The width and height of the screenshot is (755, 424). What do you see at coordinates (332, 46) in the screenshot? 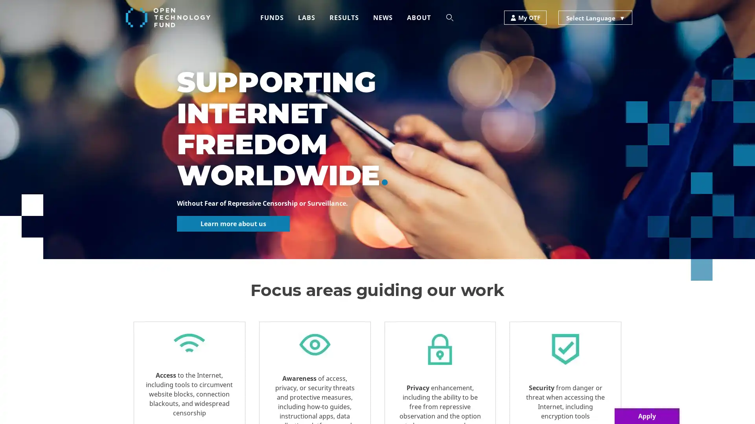
I see `Search` at bounding box center [332, 46].